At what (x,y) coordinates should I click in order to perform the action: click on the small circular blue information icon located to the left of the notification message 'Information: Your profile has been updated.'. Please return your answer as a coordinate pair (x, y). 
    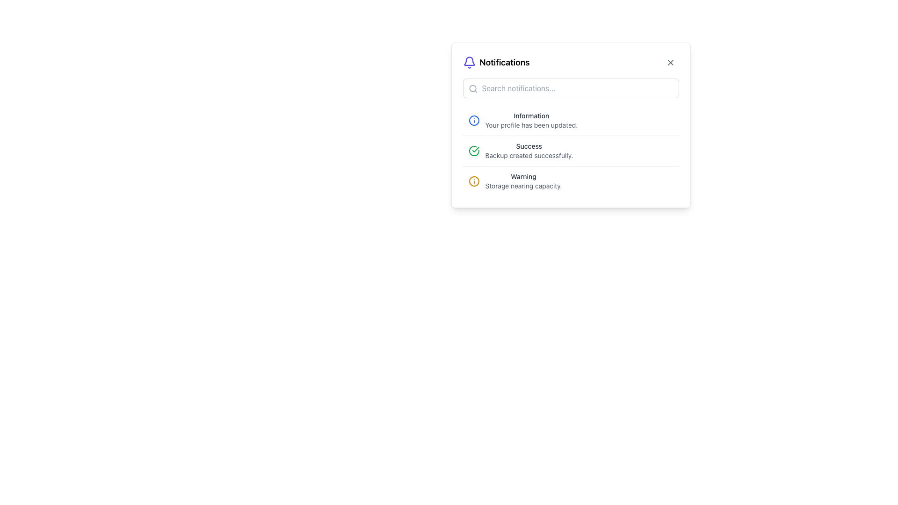
    Looking at the image, I should click on (474, 120).